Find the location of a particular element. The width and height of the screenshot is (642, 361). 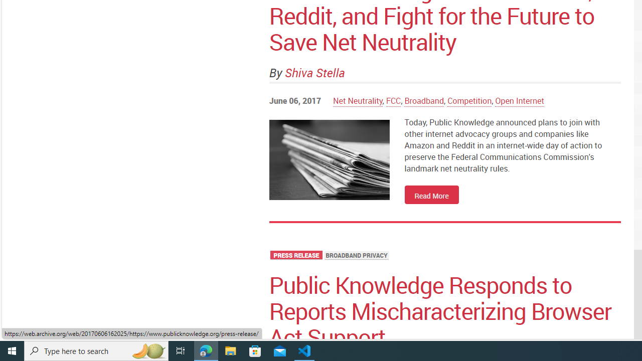

' img' is located at coordinates (329, 159).